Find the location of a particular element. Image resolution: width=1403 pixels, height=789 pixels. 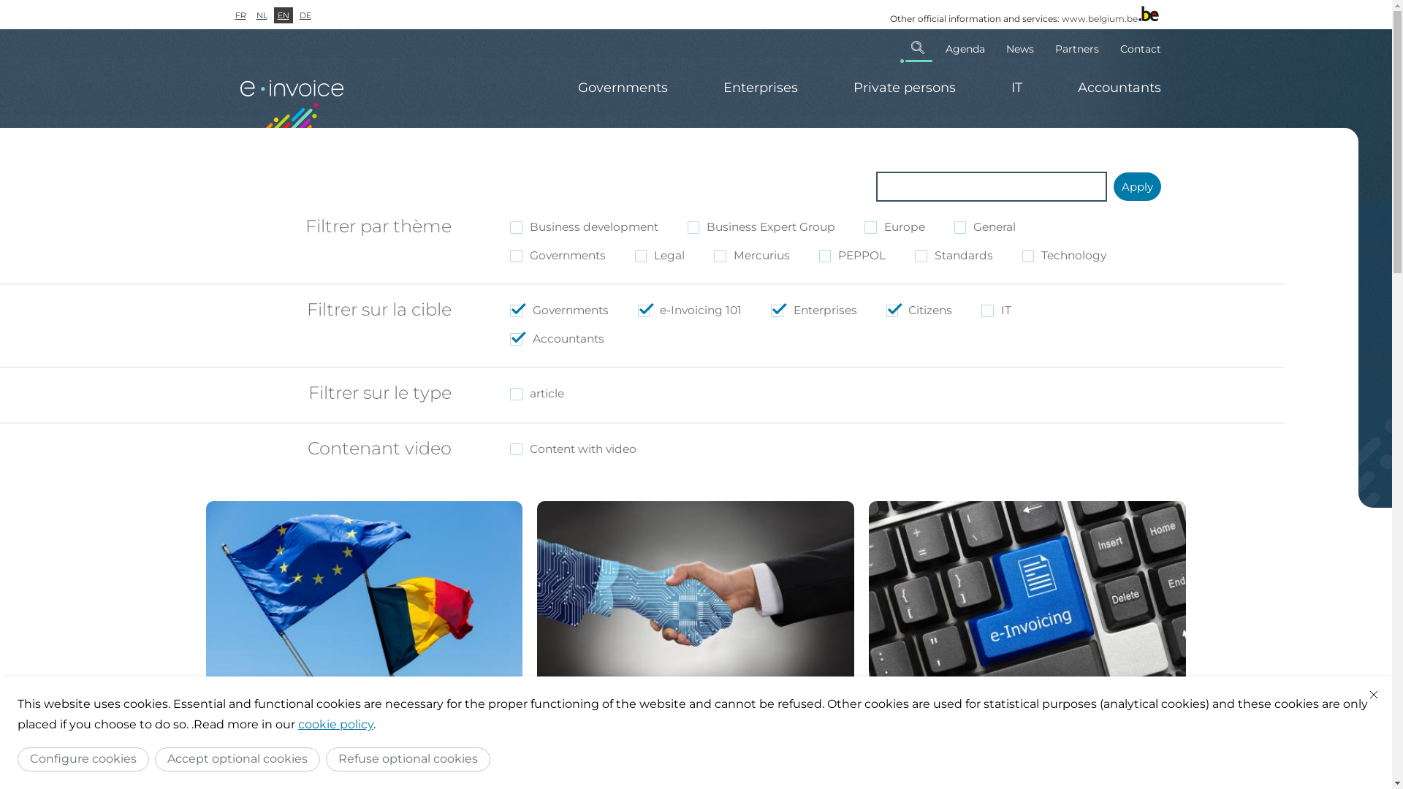

'Enterprises' is located at coordinates (760, 88).